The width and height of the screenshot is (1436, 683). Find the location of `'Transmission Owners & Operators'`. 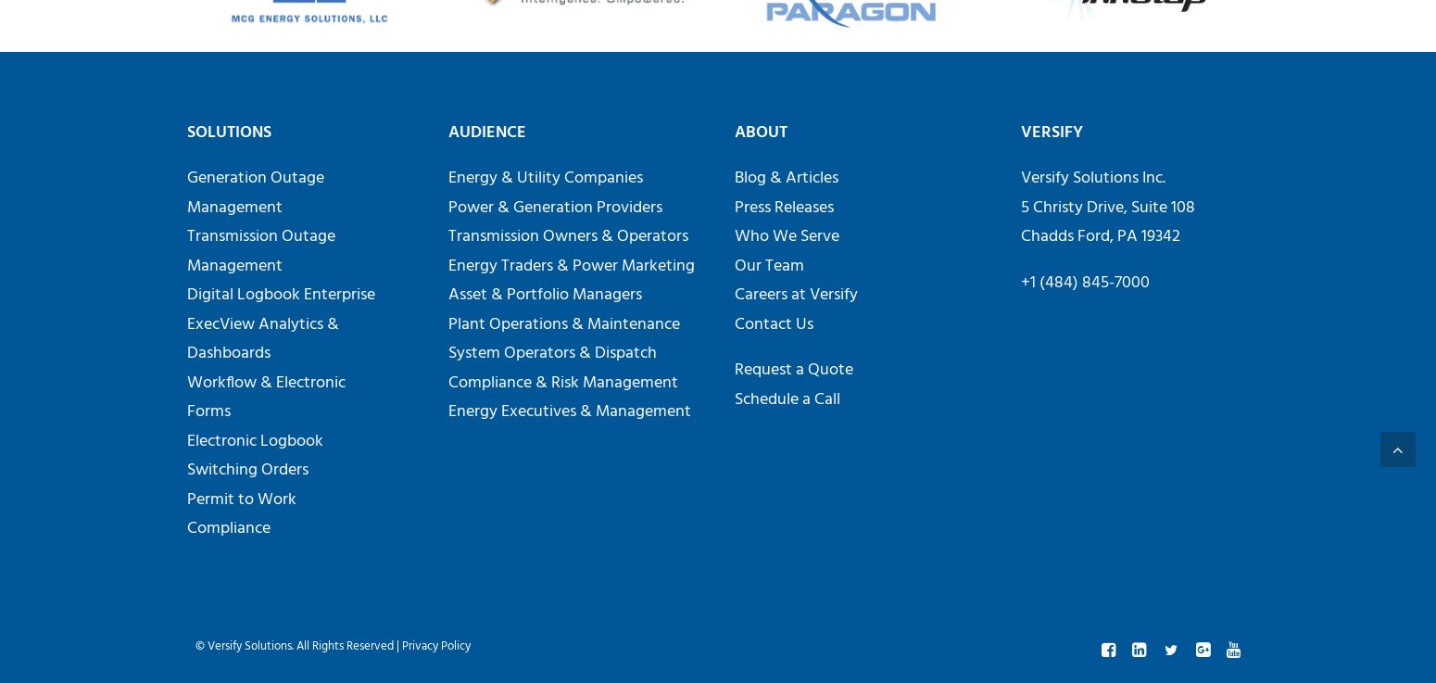

'Transmission Owners & Operators' is located at coordinates (568, 235).